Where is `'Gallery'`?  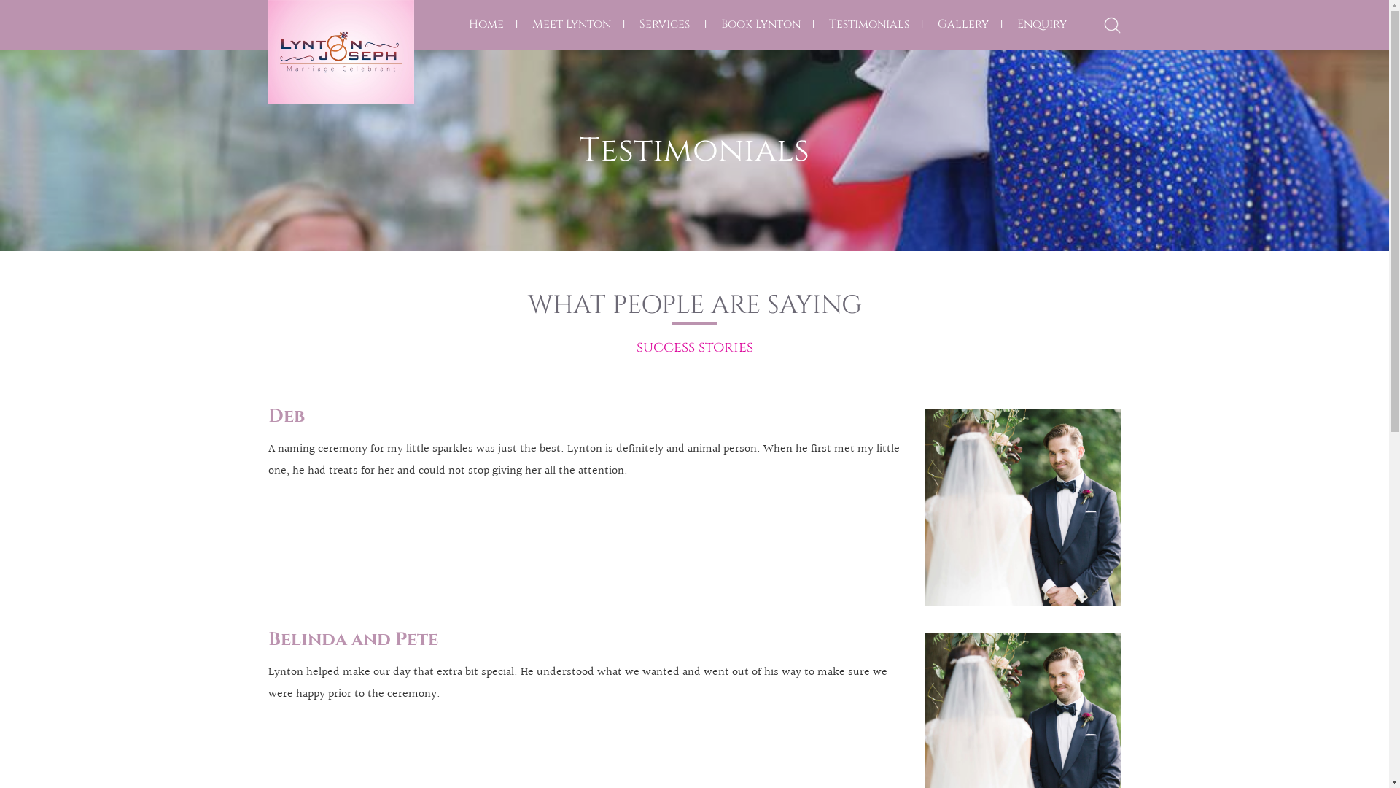 'Gallery' is located at coordinates (962, 24).